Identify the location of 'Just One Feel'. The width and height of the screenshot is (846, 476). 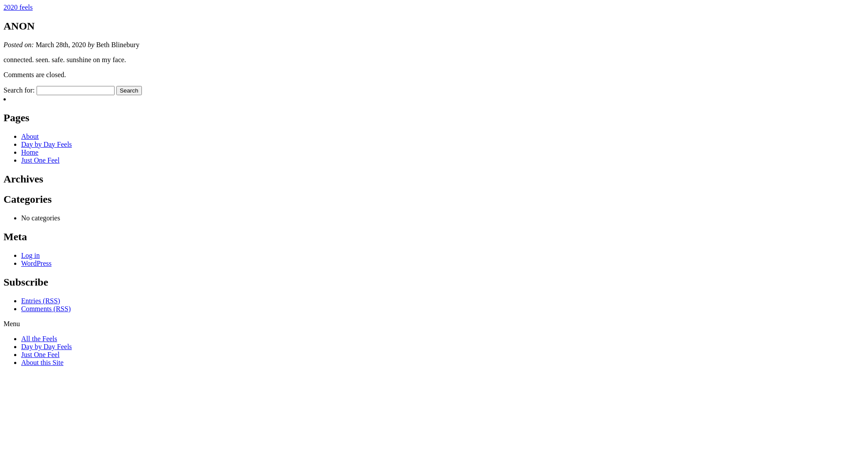
(40, 354).